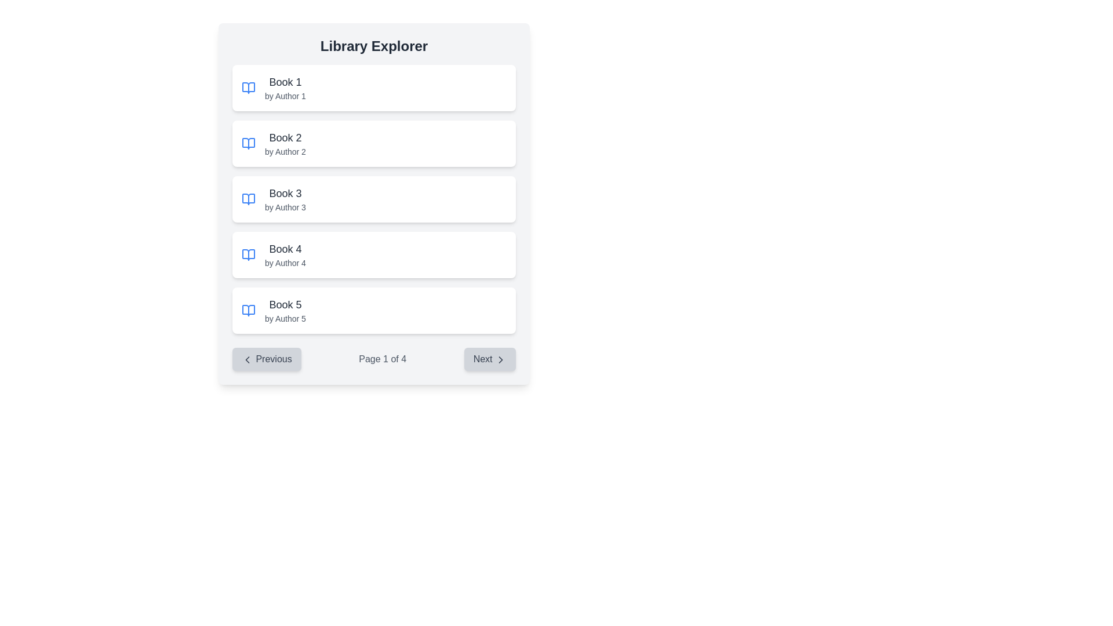 This screenshot has height=626, width=1113. What do you see at coordinates (374, 143) in the screenshot?
I see `the second book entry` at bounding box center [374, 143].